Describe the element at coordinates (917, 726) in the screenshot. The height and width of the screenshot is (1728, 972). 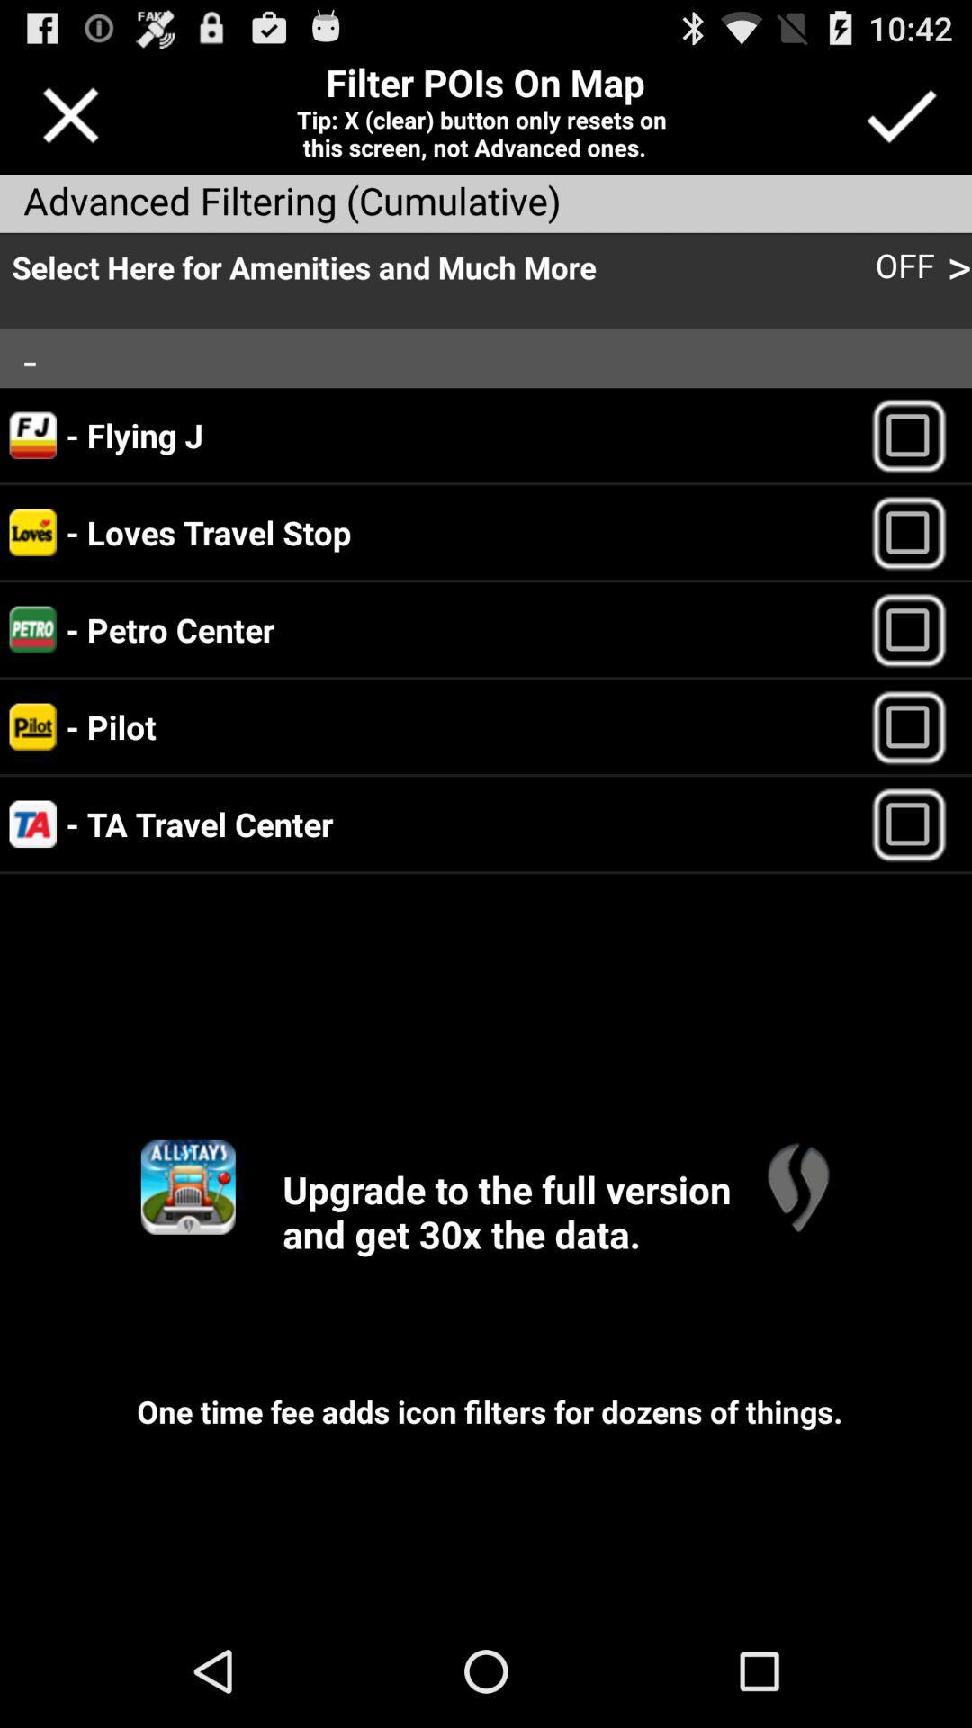
I see `check box on right` at that location.